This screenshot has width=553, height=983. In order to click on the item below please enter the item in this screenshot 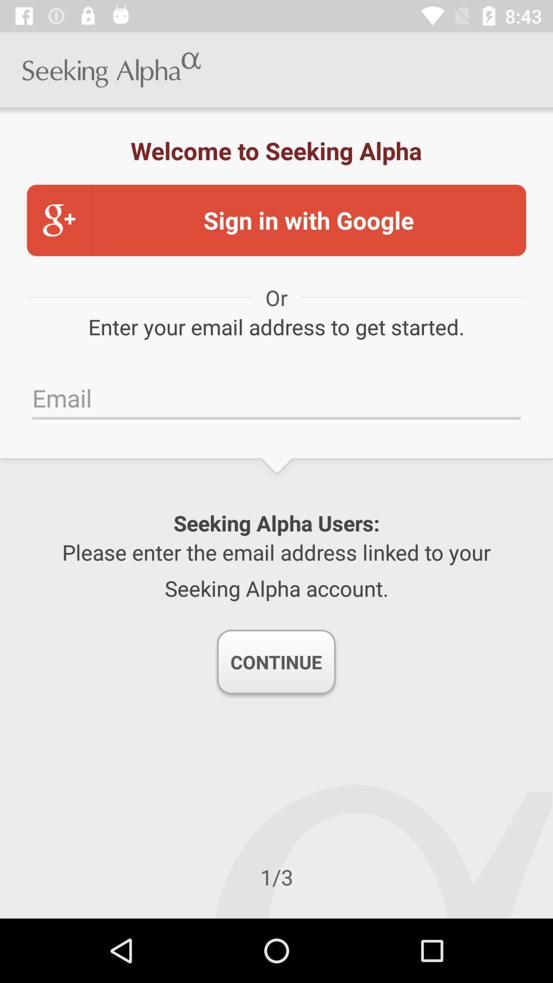, I will do `click(275, 661)`.